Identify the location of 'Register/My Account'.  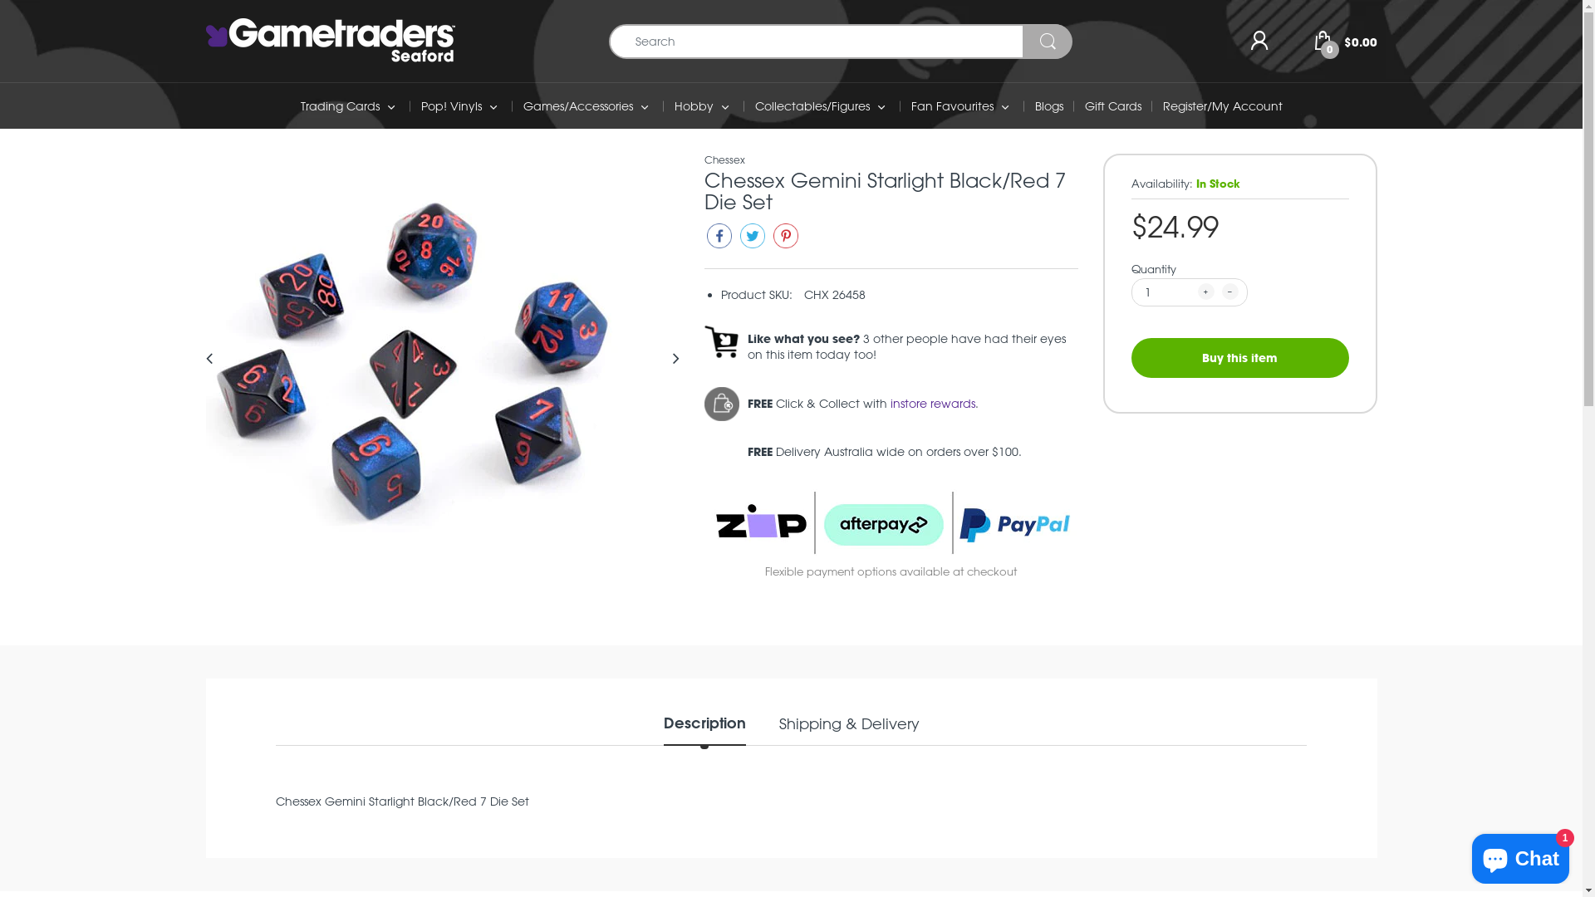
(1223, 105).